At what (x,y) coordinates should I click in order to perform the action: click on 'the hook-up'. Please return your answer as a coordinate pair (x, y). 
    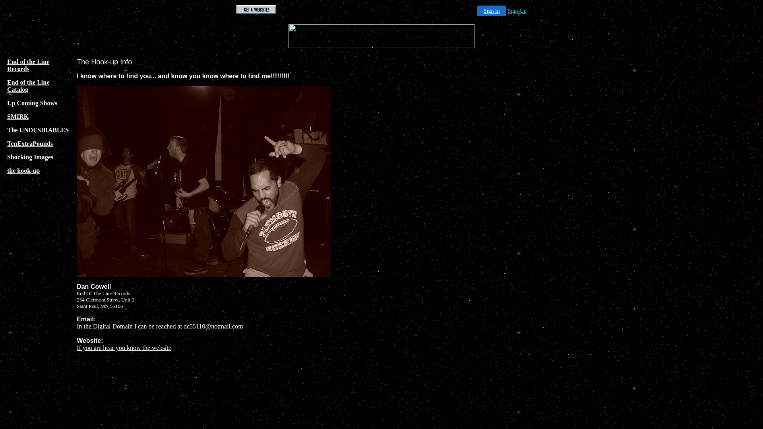
    Looking at the image, I should click on (7, 170).